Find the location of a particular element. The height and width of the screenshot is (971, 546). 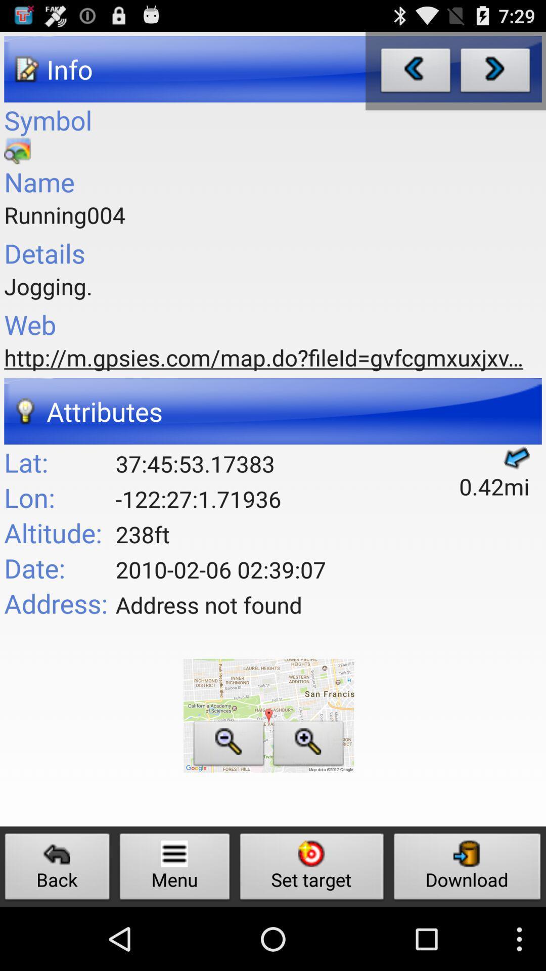

the menu icon is located at coordinates (174, 869).